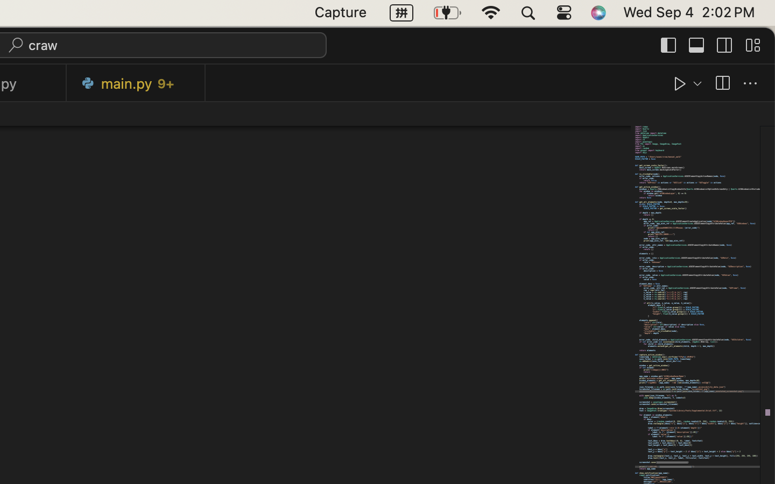 The height and width of the screenshot is (484, 775). I want to click on '', so click(750, 83).